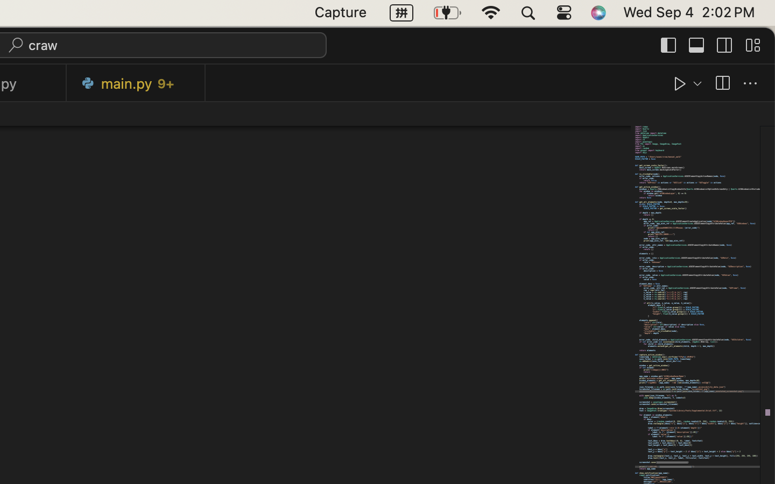 The height and width of the screenshot is (484, 775). I want to click on '', so click(750, 83).